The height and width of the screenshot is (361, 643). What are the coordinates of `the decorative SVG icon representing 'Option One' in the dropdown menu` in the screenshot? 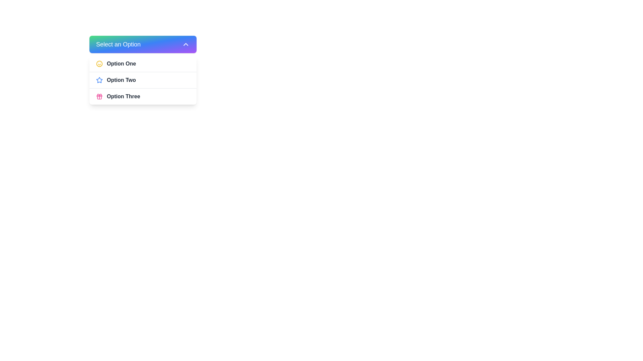 It's located at (99, 64).